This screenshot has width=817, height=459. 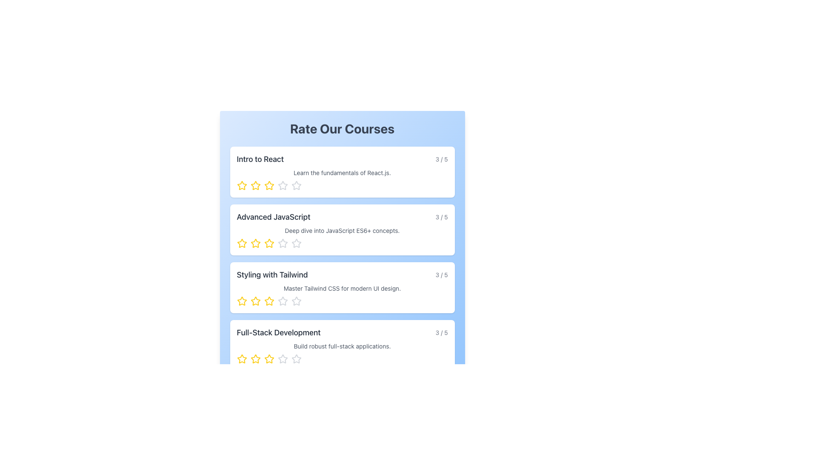 What do you see at coordinates (342, 172) in the screenshot?
I see `the text of the course overview card for 'Intro to React'` at bounding box center [342, 172].